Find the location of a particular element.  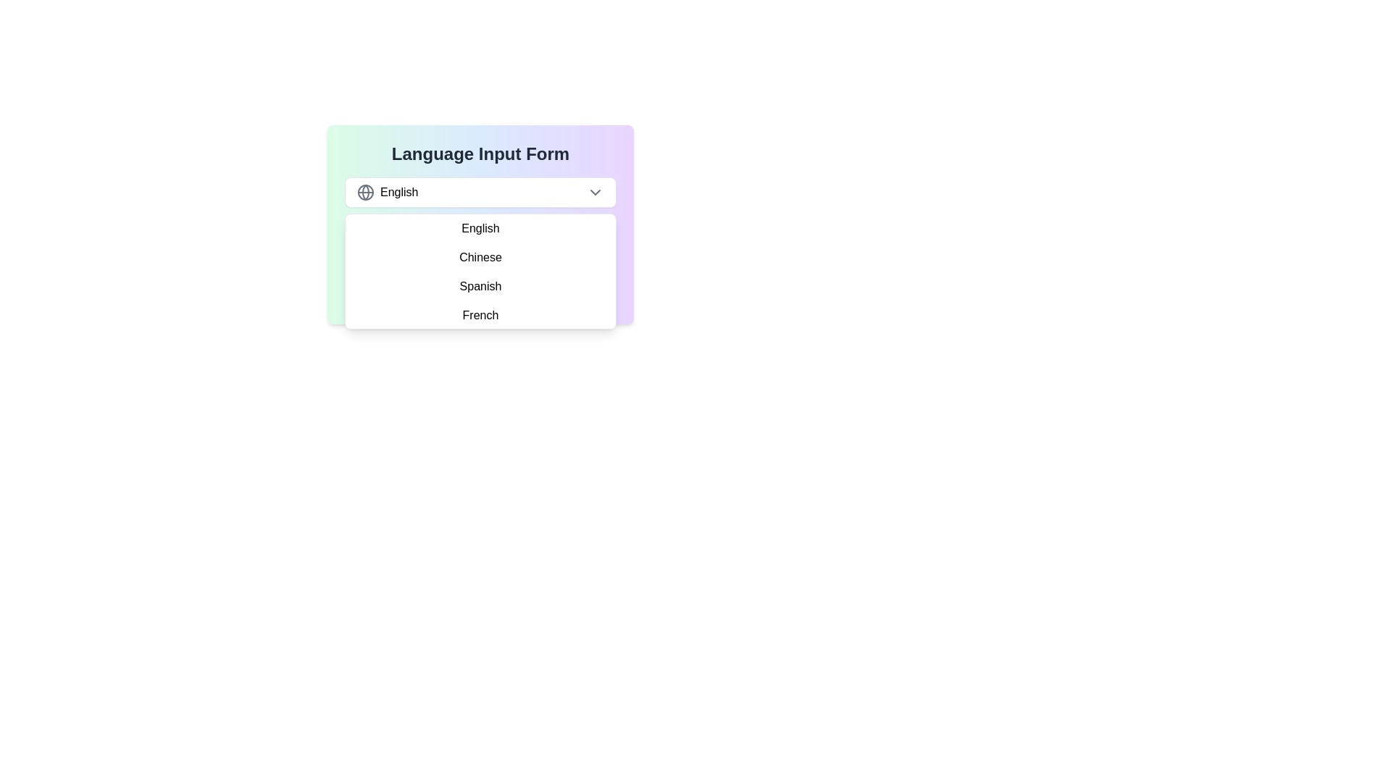

the 'French' option in the dropdown menu, which is the fourth item in the list beneath 'Spanish' is located at coordinates (480, 314).